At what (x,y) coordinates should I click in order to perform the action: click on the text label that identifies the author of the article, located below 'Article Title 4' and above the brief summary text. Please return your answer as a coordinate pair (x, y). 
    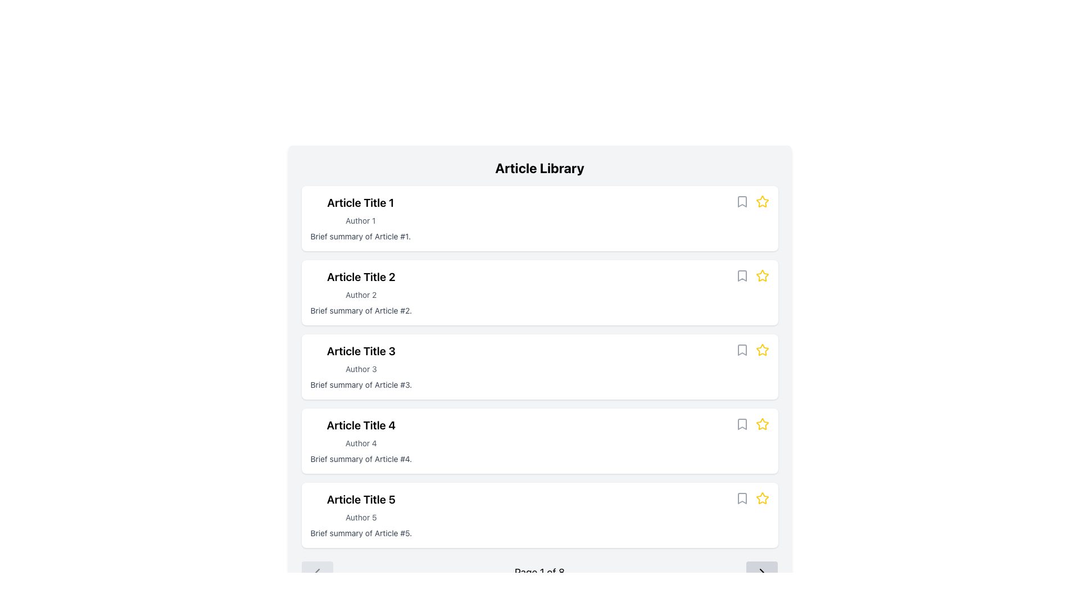
    Looking at the image, I should click on (361, 443).